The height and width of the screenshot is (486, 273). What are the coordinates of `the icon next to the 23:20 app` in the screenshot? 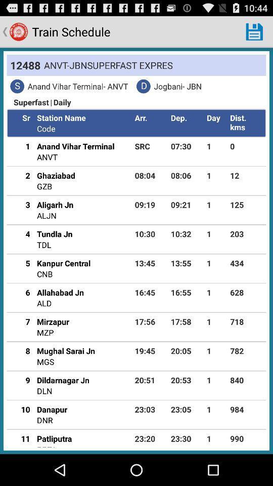 It's located at (46, 445).